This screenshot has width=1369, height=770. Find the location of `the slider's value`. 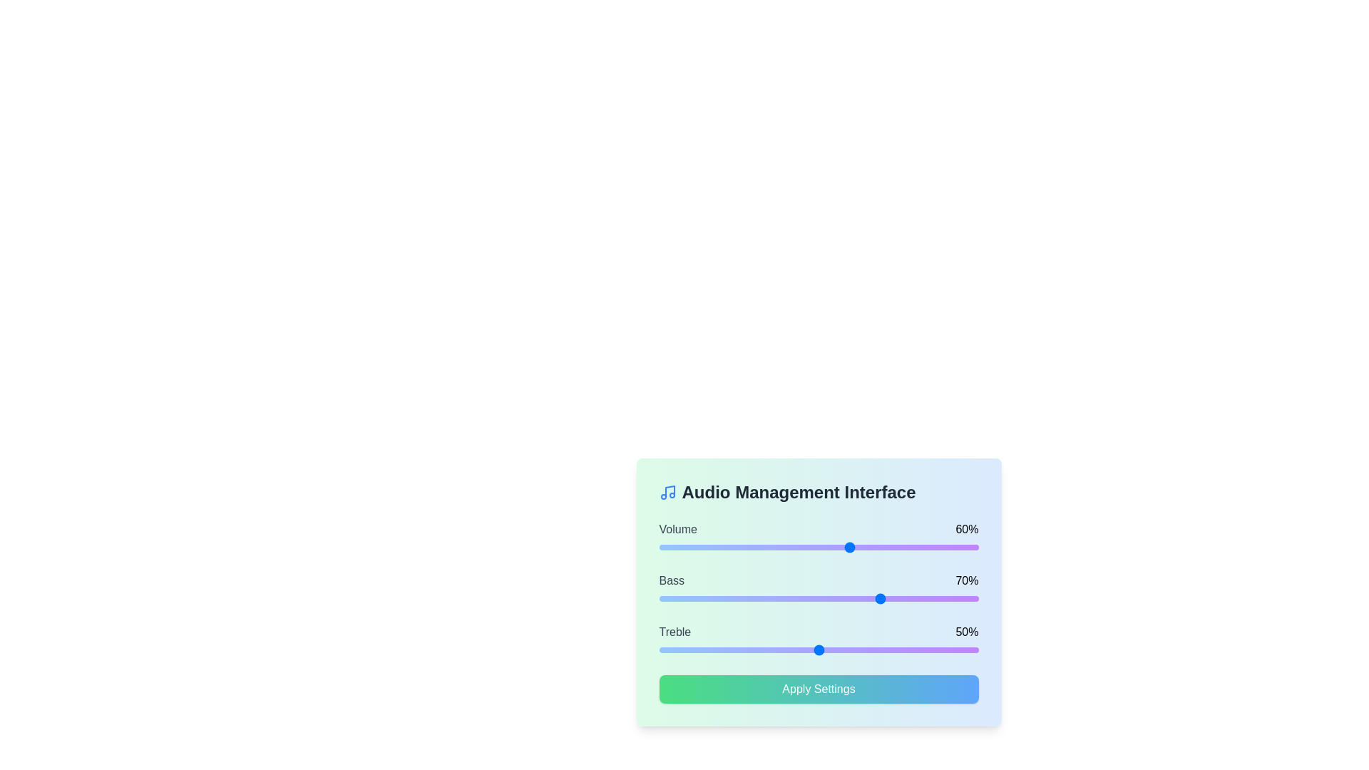

the slider's value is located at coordinates (717, 546).